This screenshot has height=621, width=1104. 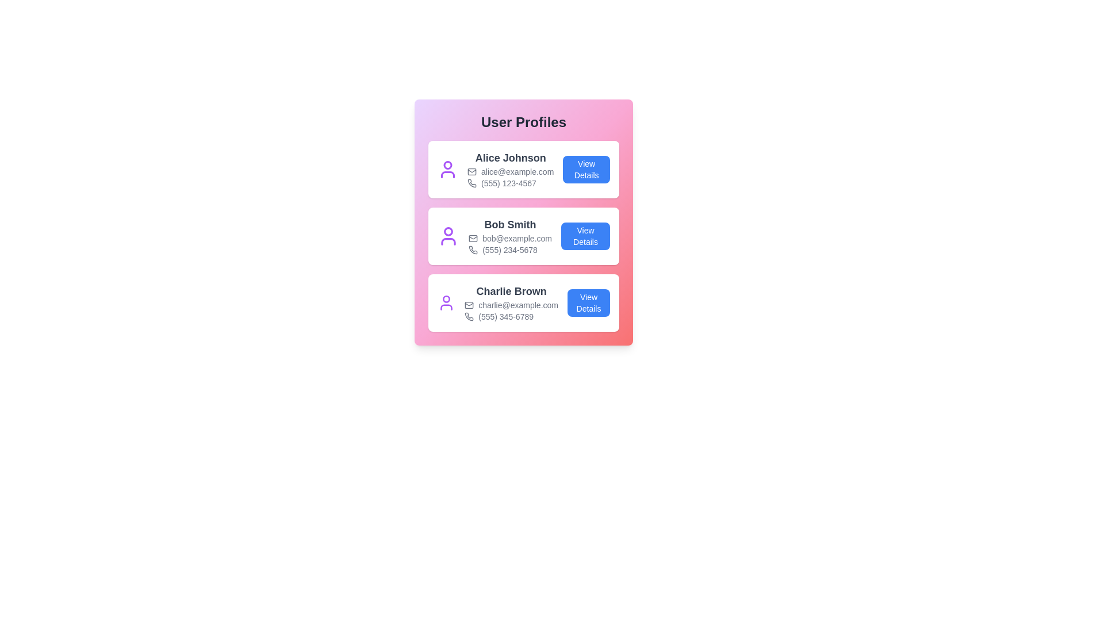 I want to click on 'View Details' button for the user profile of Charlie Brown, so click(x=588, y=302).